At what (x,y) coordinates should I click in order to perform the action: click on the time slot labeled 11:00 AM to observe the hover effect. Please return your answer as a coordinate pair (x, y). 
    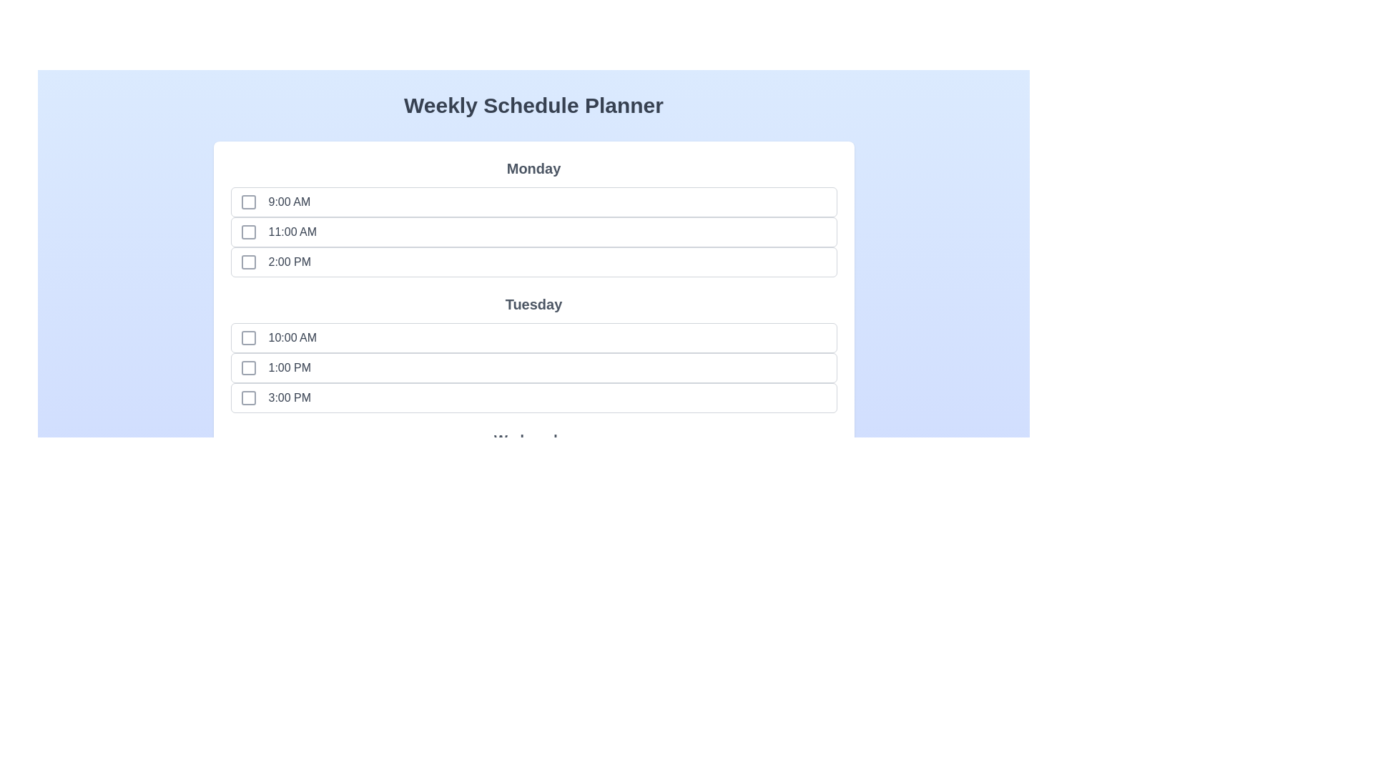
    Looking at the image, I should click on (268, 231).